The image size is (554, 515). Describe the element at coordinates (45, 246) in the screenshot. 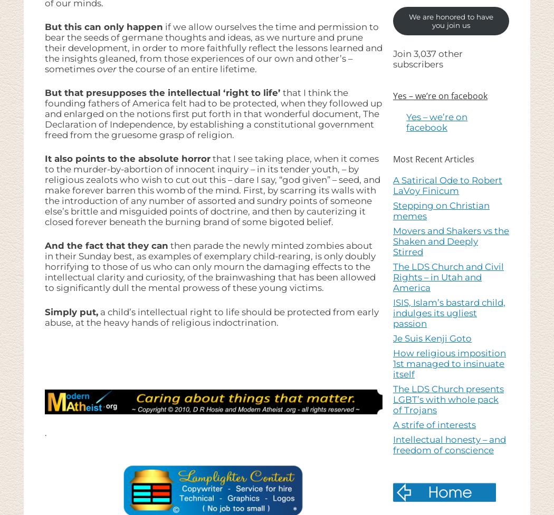

I see `'And the fact that they can'` at that location.